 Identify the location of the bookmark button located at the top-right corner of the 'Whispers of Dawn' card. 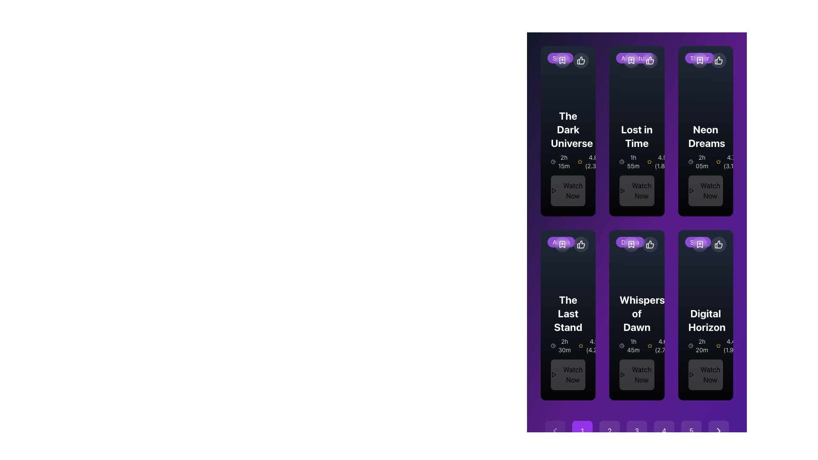
(640, 244).